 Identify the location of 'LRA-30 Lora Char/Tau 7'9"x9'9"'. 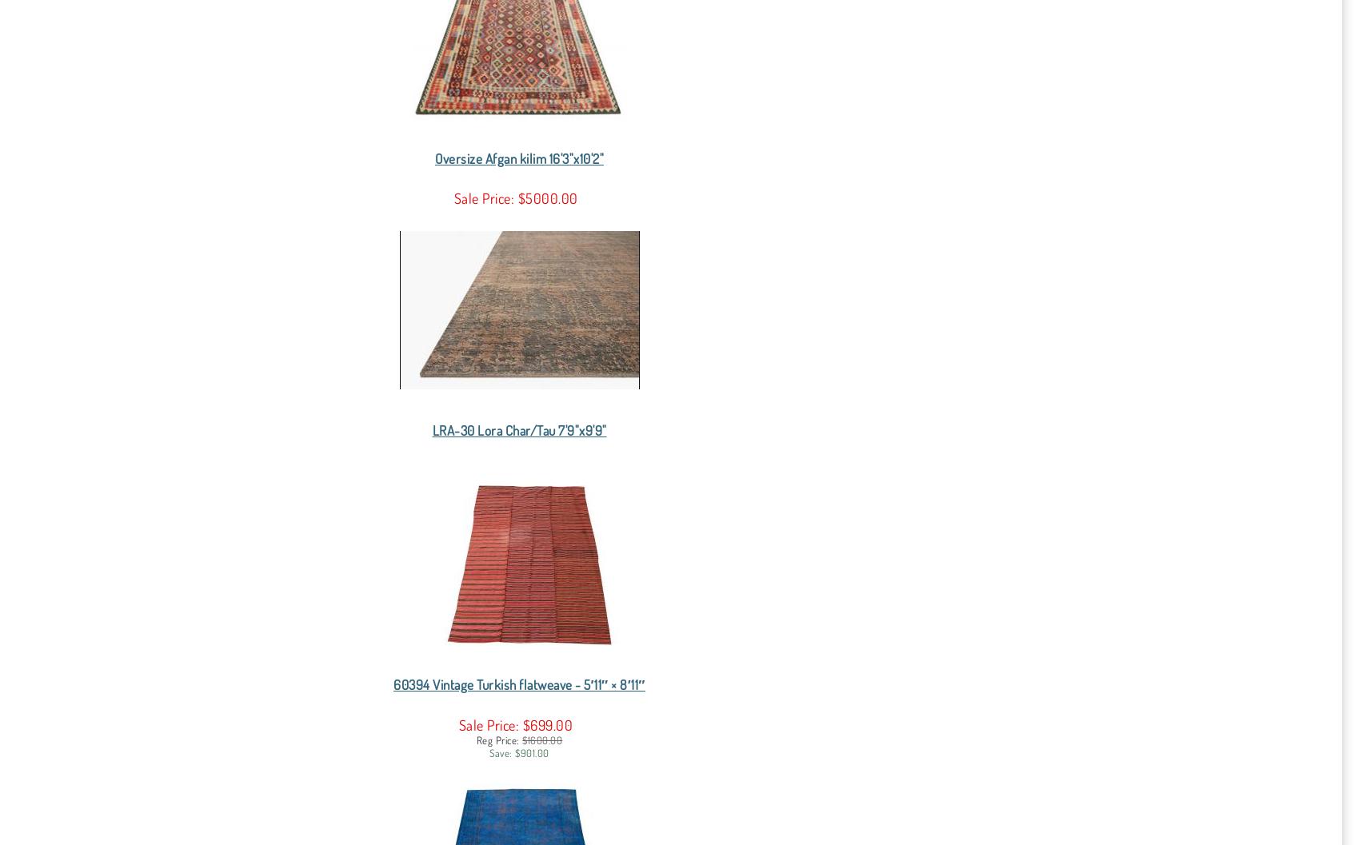
(518, 428).